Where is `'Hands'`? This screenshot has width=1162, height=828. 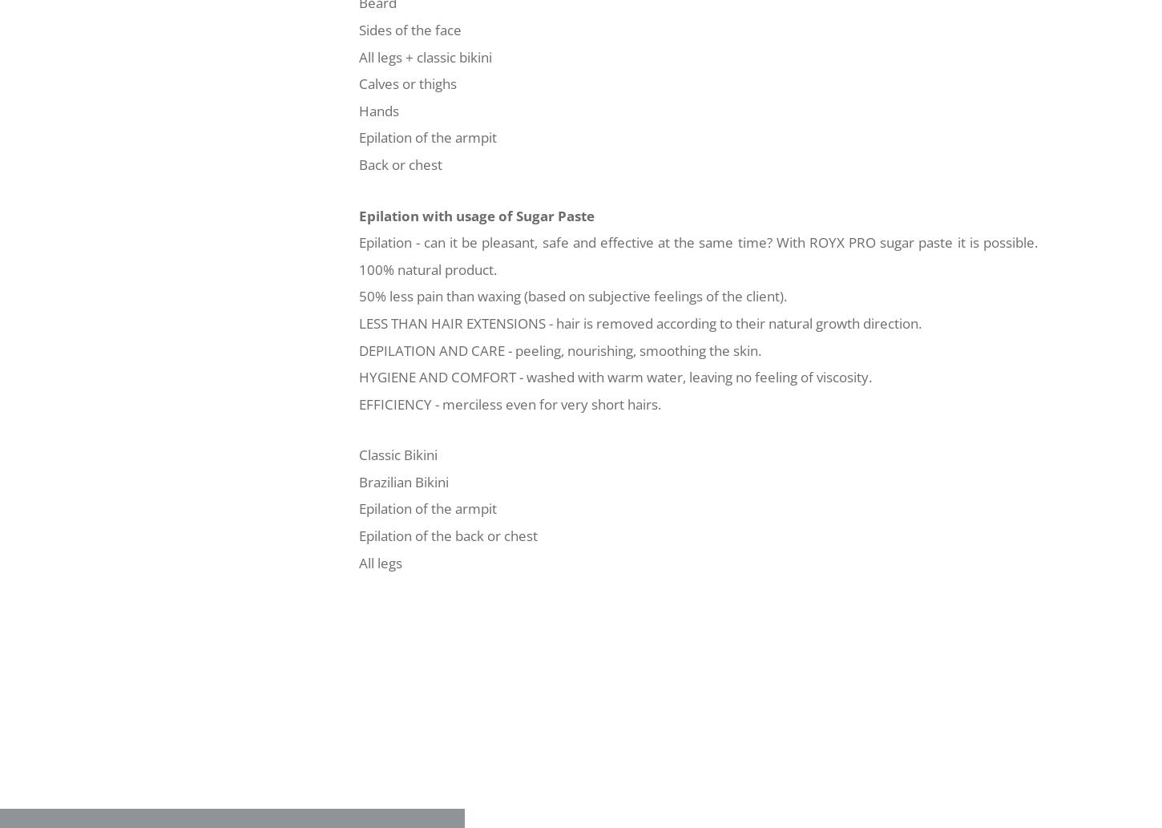
'Hands' is located at coordinates (379, 110).